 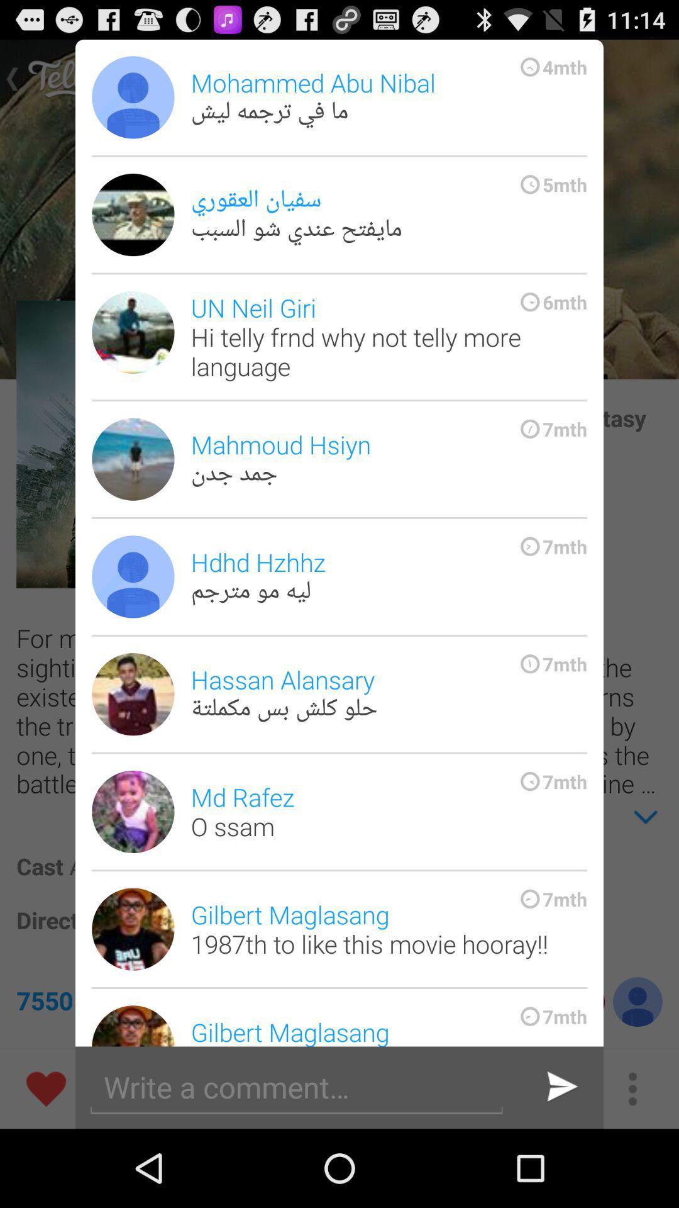 I want to click on mohammed abu nibal item, so click(x=388, y=96).